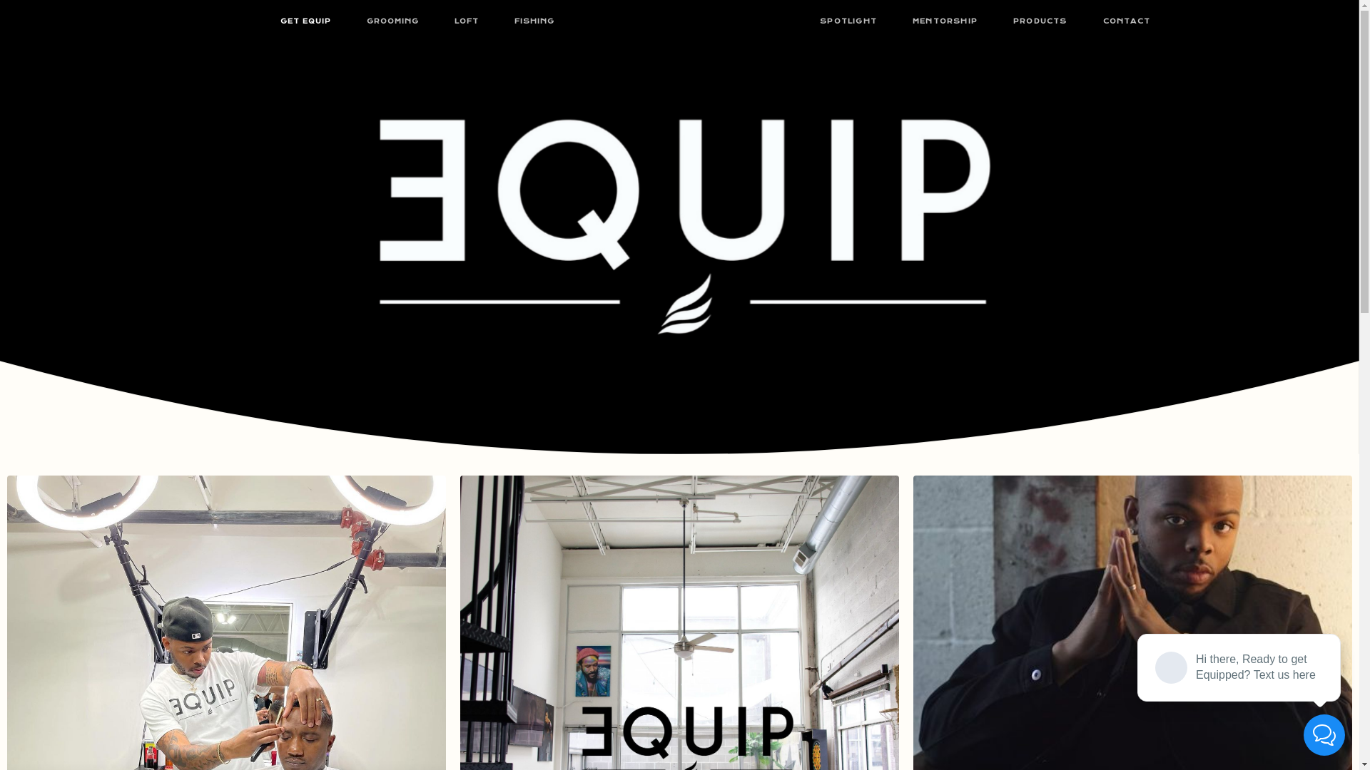 The height and width of the screenshot is (770, 1370). I want to click on 'GROOMING', so click(392, 21).